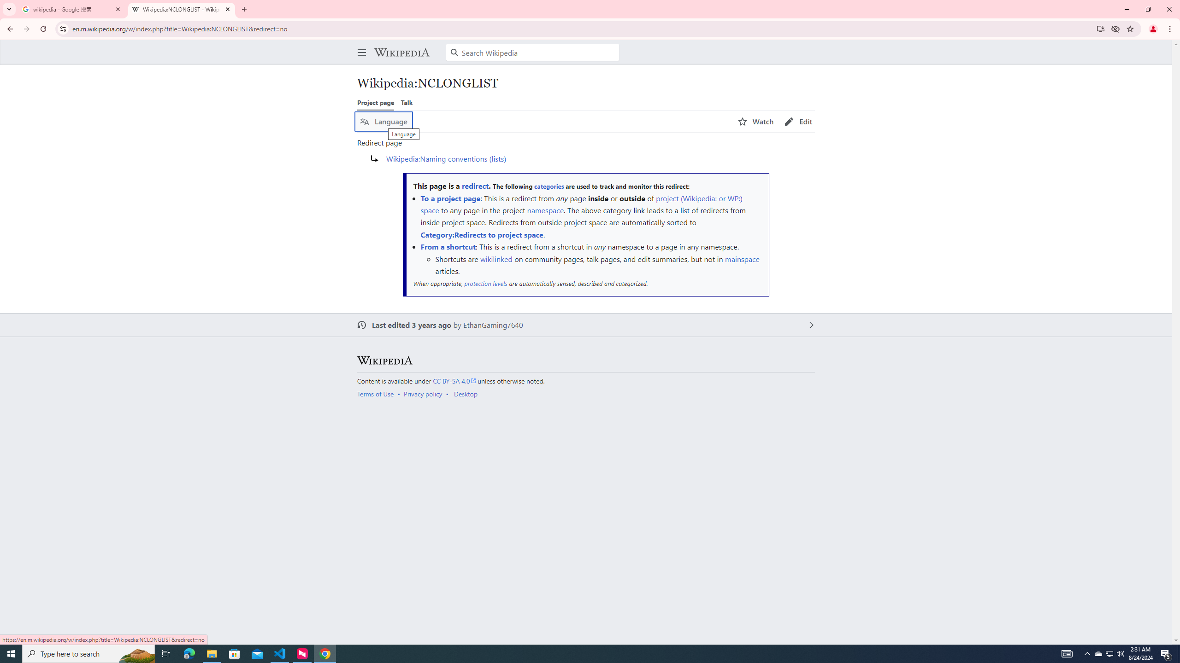 This screenshot has height=663, width=1180. I want to click on 'Wikipedia:Naming conventions (lists)', so click(445, 158).